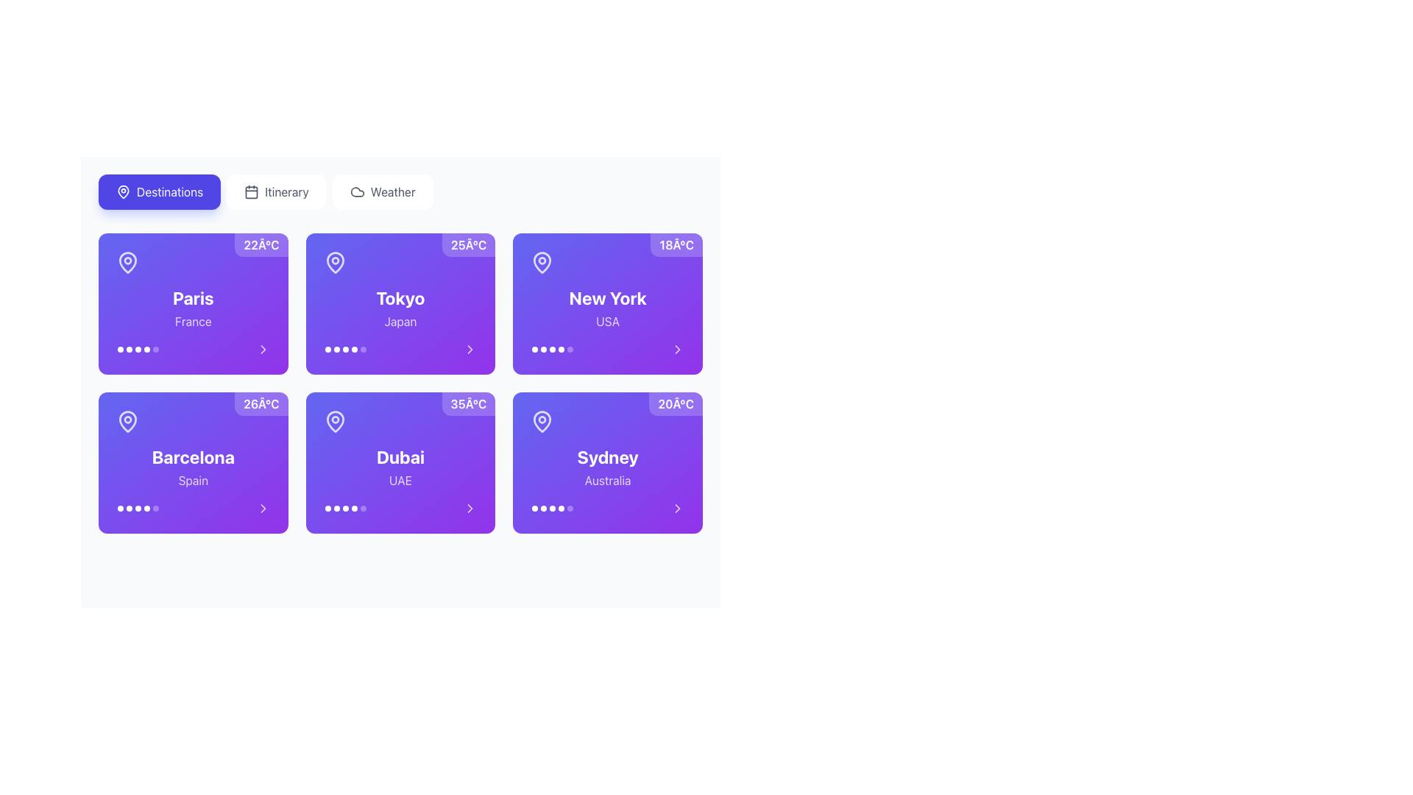 The height and width of the screenshot is (795, 1413). I want to click on the static text label displaying '25°C' located in the upper-right corner of the 'Tokyo' card in the grid layout, so click(468, 244).